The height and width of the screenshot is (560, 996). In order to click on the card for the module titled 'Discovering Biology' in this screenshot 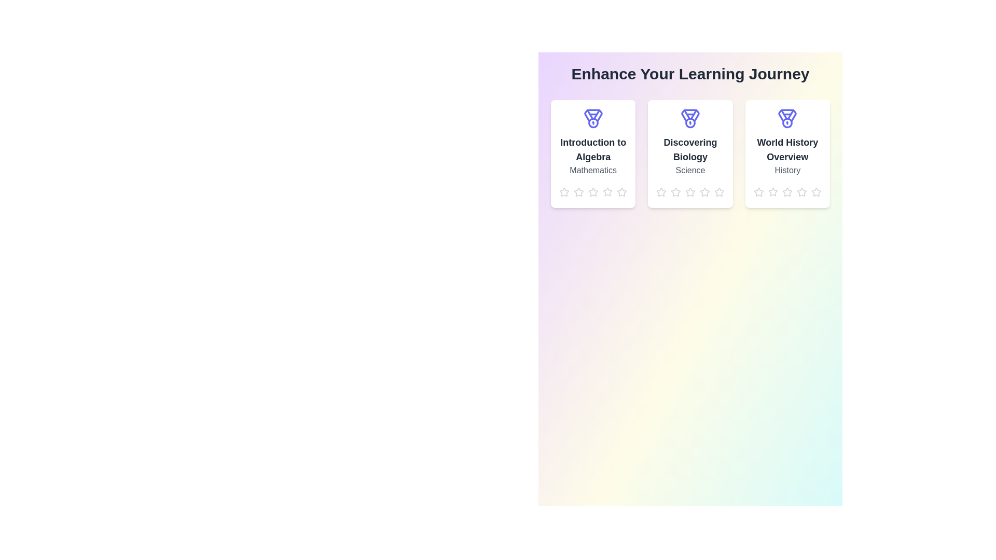, I will do `click(690, 154)`.